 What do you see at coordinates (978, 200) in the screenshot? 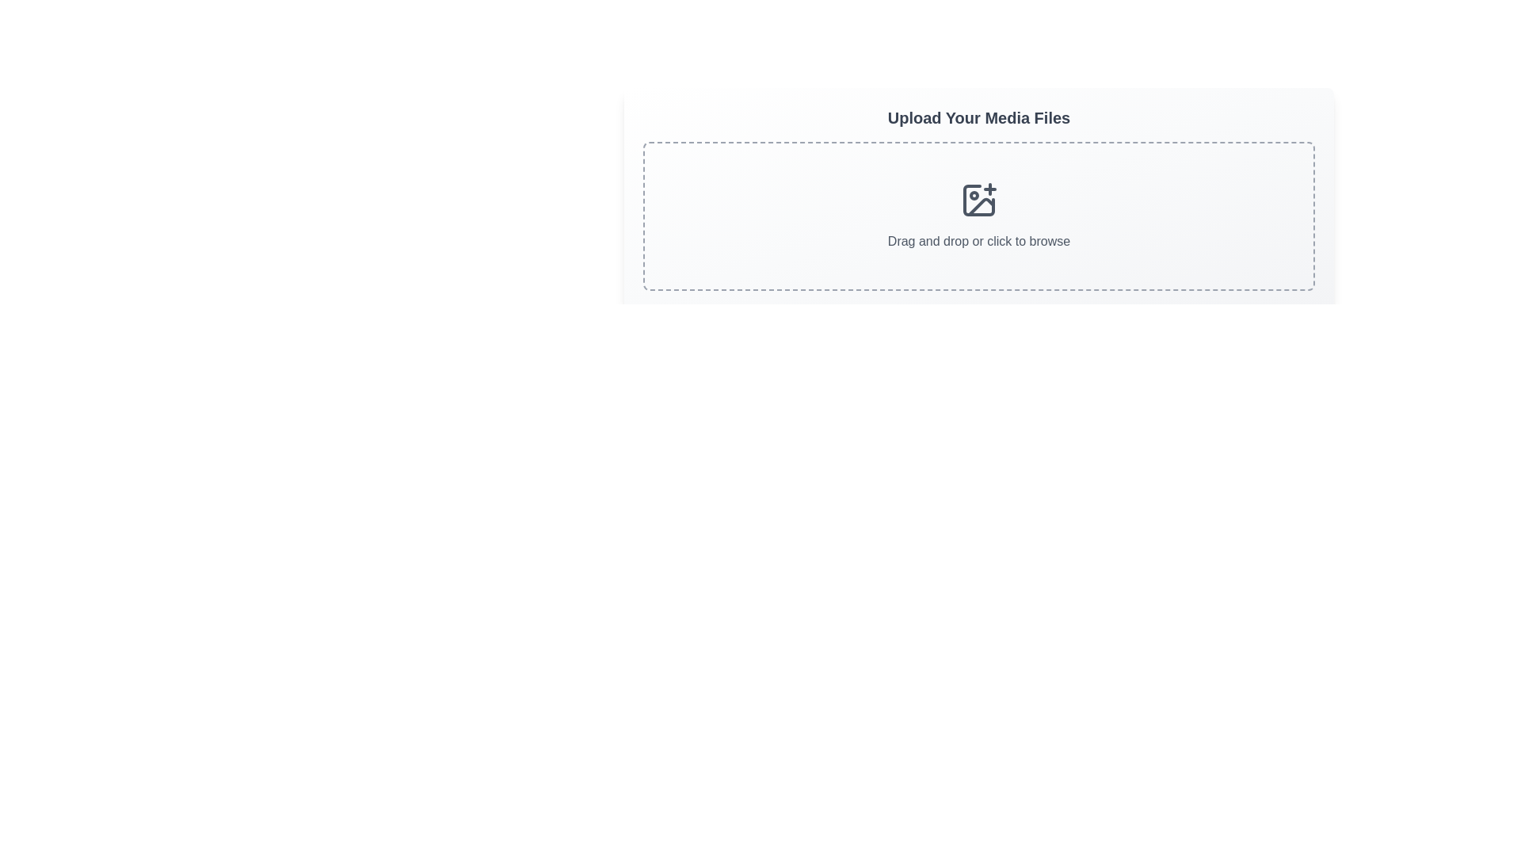
I see `the file upload icon, which is visually represented by an icon centered within a dashed-border area for uploading files` at bounding box center [978, 200].